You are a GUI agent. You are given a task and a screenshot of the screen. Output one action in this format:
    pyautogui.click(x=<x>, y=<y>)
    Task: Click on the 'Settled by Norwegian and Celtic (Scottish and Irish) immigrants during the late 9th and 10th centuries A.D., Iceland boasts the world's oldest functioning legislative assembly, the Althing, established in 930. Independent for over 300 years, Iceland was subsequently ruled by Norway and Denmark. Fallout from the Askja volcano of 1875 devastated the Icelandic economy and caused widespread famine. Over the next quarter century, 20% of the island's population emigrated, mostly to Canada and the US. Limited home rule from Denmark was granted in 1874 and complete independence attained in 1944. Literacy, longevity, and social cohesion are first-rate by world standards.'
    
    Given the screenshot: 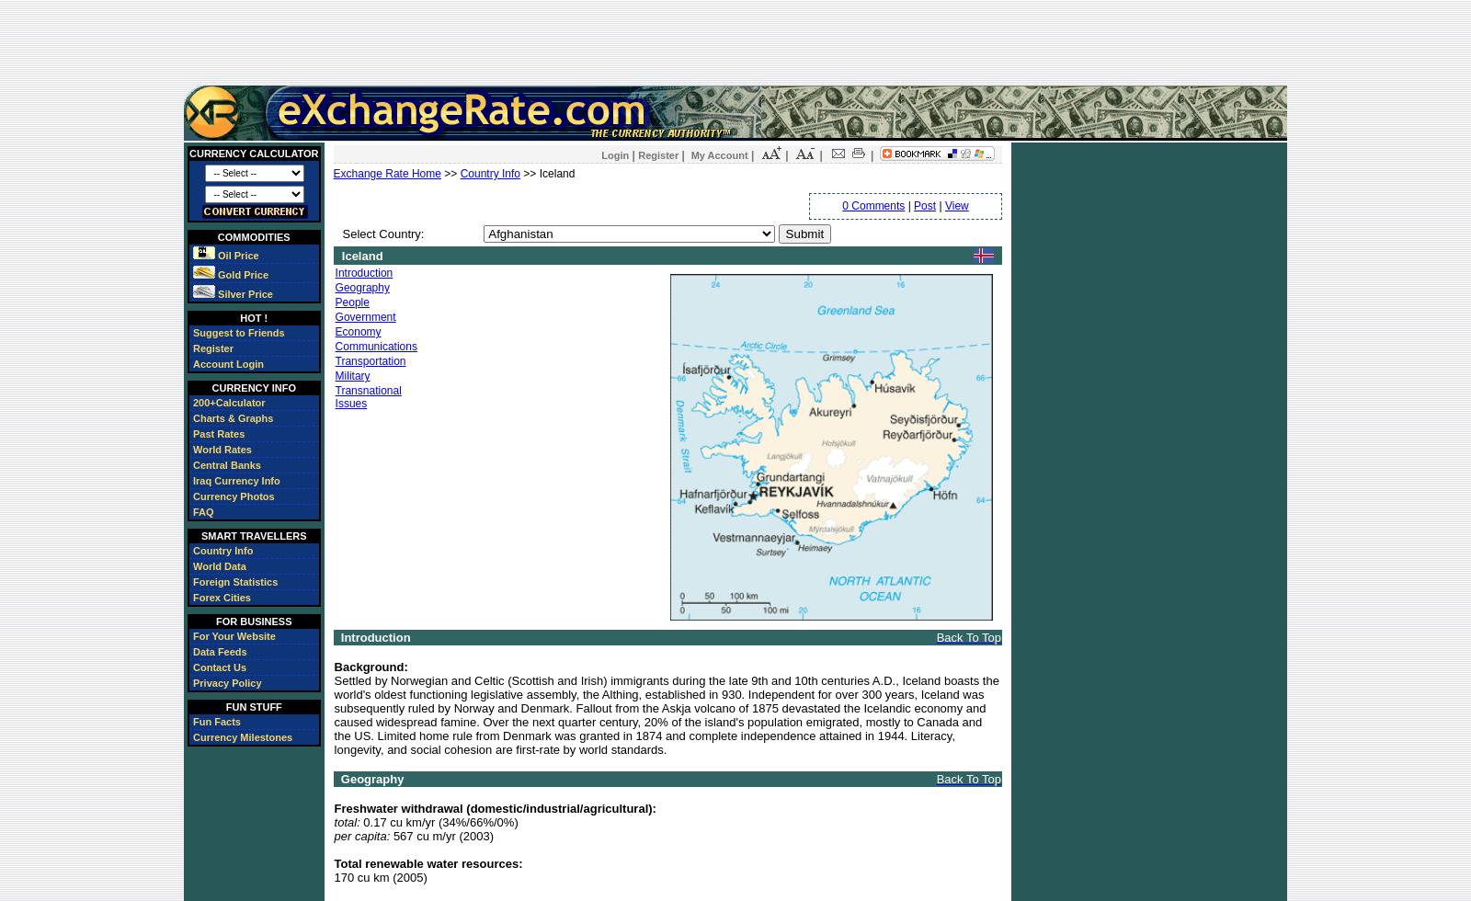 What is the action you would take?
    pyautogui.click(x=666, y=714)
    